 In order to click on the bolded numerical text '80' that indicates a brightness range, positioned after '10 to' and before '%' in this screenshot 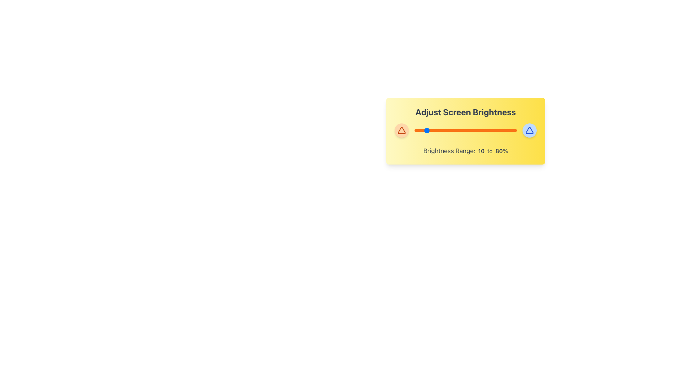, I will do `click(499, 150)`.